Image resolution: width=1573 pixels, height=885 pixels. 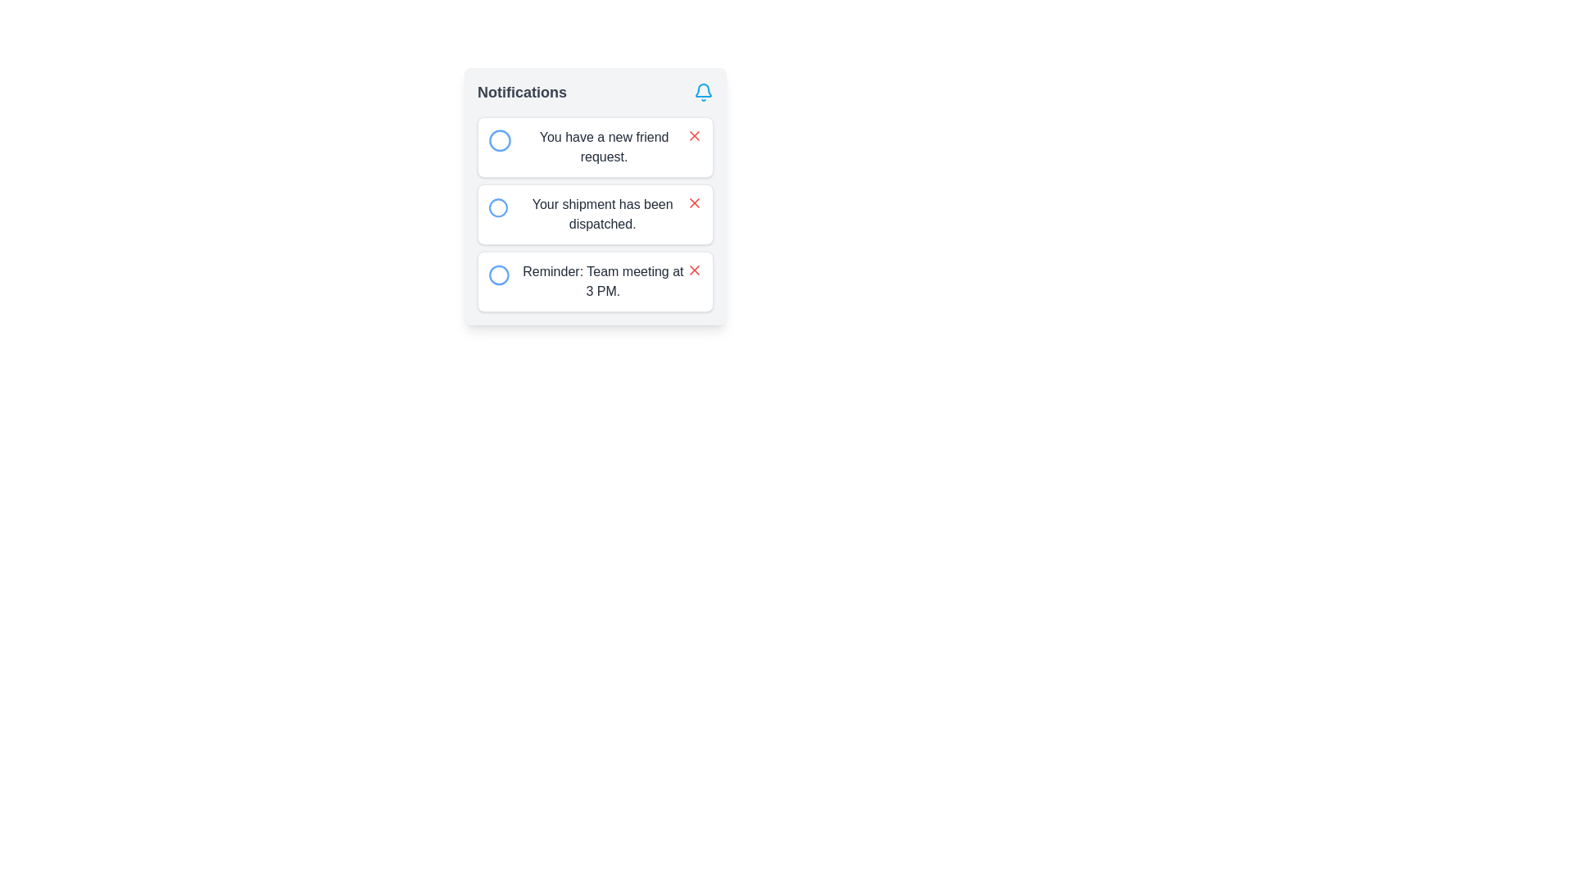 I want to click on the second 'X' icon in the notification interface to indicate interactivity, so click(x=695, y=202).